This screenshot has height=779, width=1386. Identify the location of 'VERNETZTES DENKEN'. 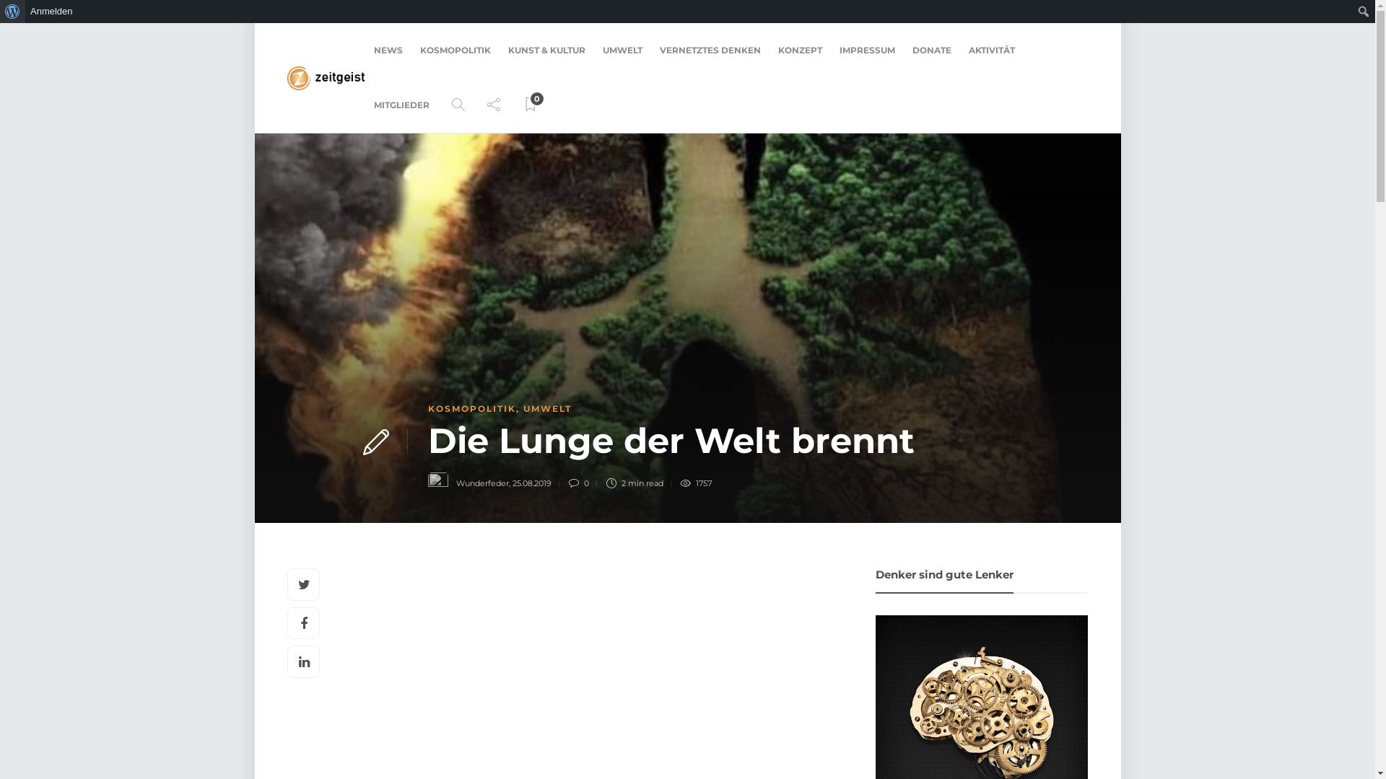
(710, 49).